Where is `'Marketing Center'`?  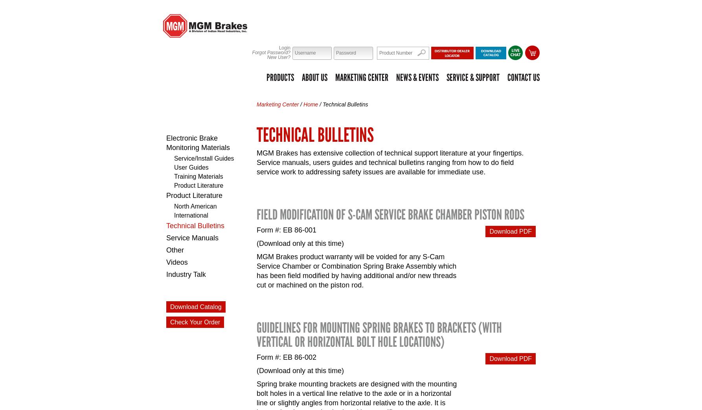 'Marketing Center' is located at coordinates (278, 103).